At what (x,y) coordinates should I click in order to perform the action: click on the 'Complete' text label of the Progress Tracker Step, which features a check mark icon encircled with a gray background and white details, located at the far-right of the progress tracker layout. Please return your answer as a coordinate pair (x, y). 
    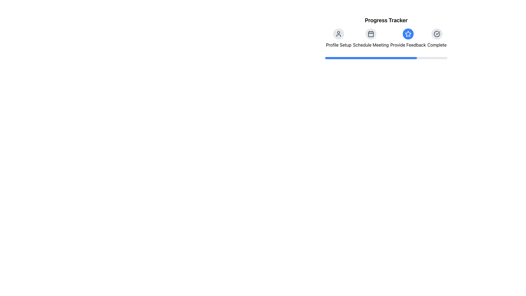
    Looking at the image, I should click on (437, 38).